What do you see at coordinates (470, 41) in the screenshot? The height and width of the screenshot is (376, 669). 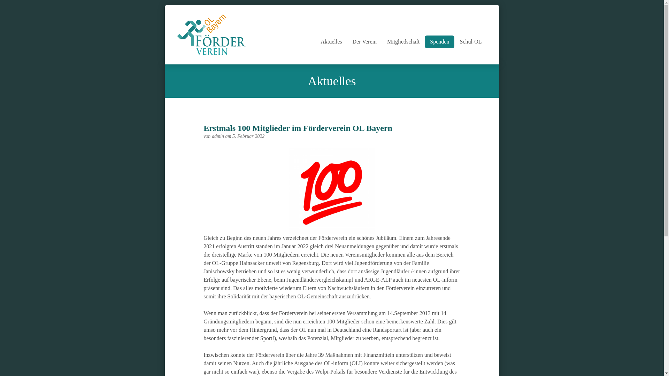 I see `'Schul-OL'` at bounding box center [470, 41].